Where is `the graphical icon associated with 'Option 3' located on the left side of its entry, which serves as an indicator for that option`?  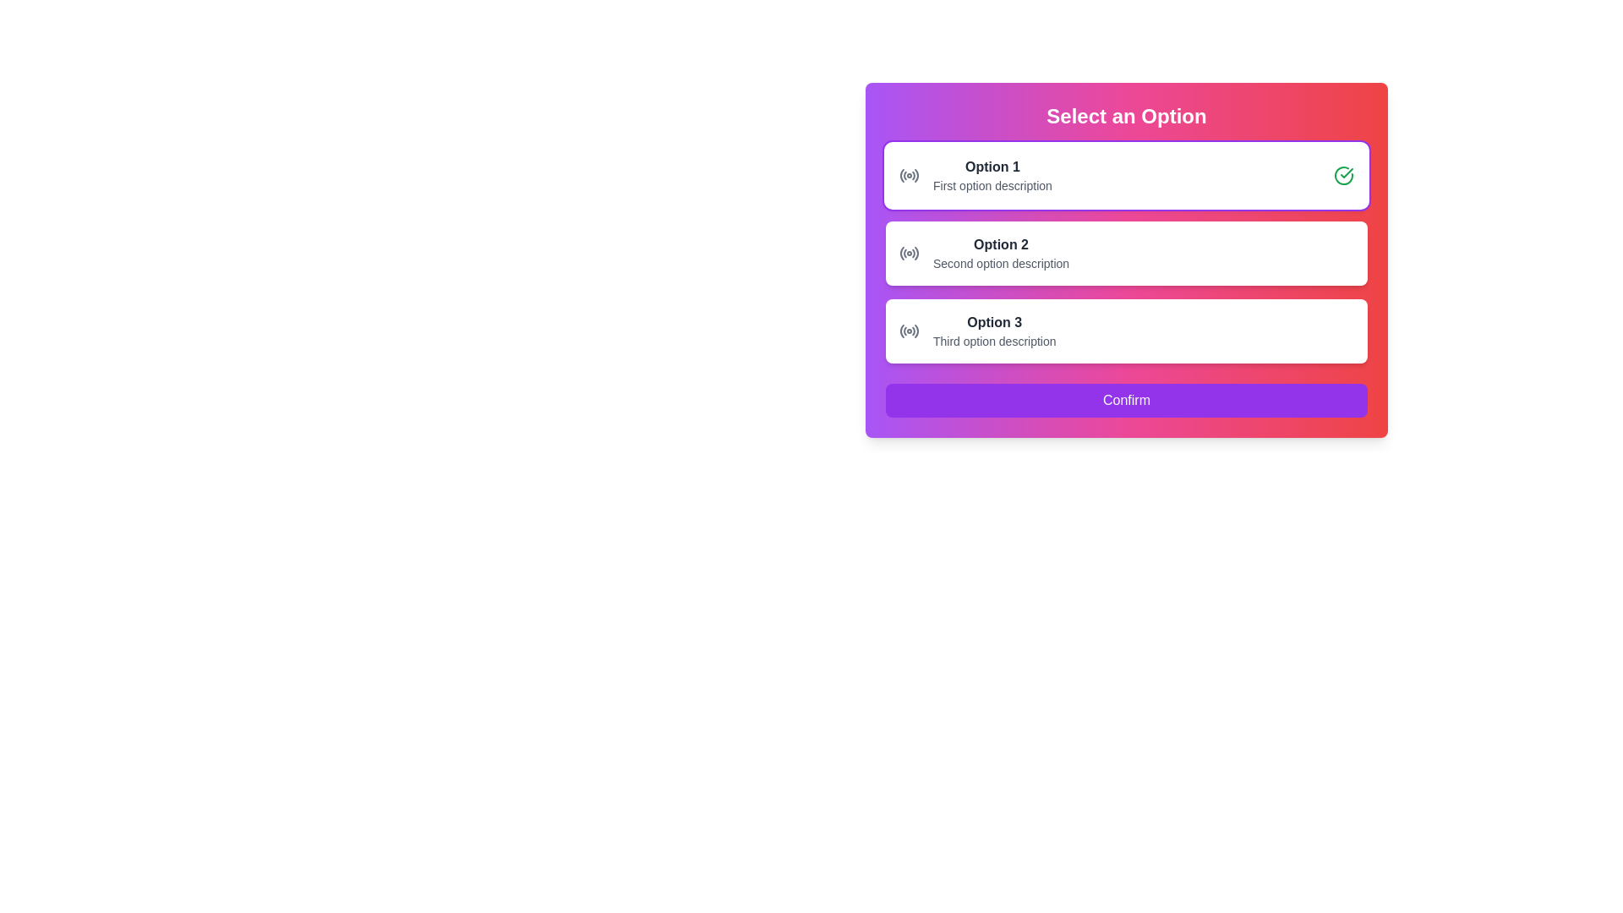 the graphical icon associated with 'Option 3' located on the left side of its entry, which serves as an indicator for that option is located at coordinates (908, 331).